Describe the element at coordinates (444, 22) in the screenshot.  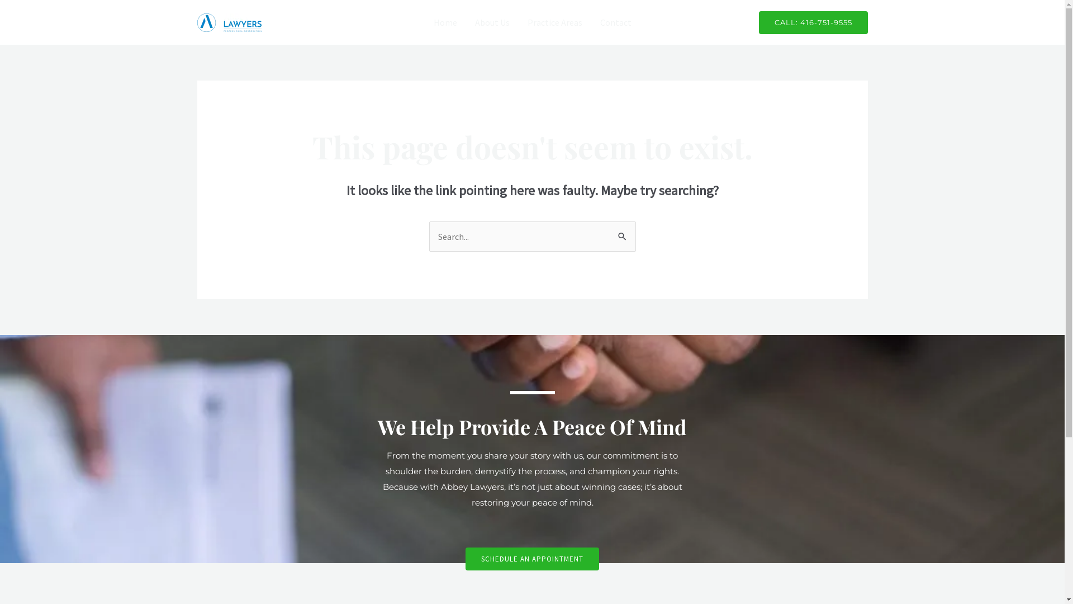
I see `'Home'` at that location.